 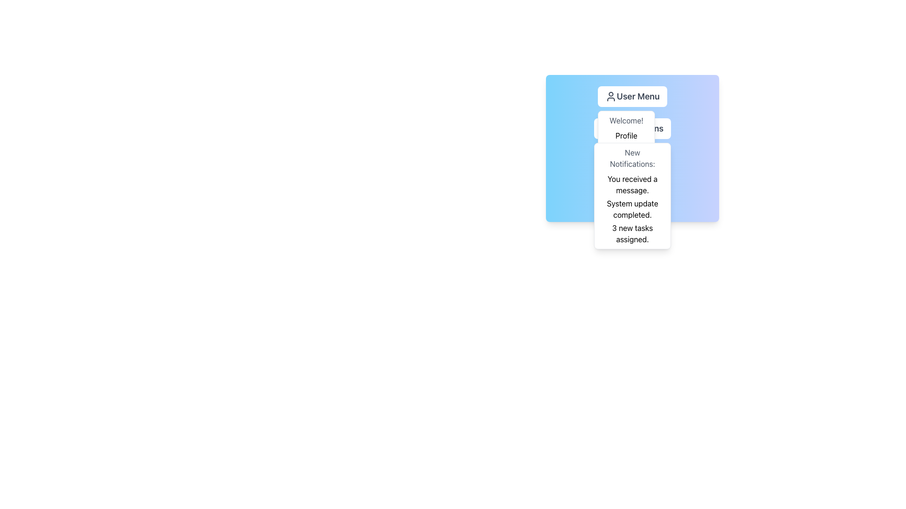 I want to click on text 'New Notifications:' from the header label positioned at the top of the notifications dropdown, so click(x=632, y=157).